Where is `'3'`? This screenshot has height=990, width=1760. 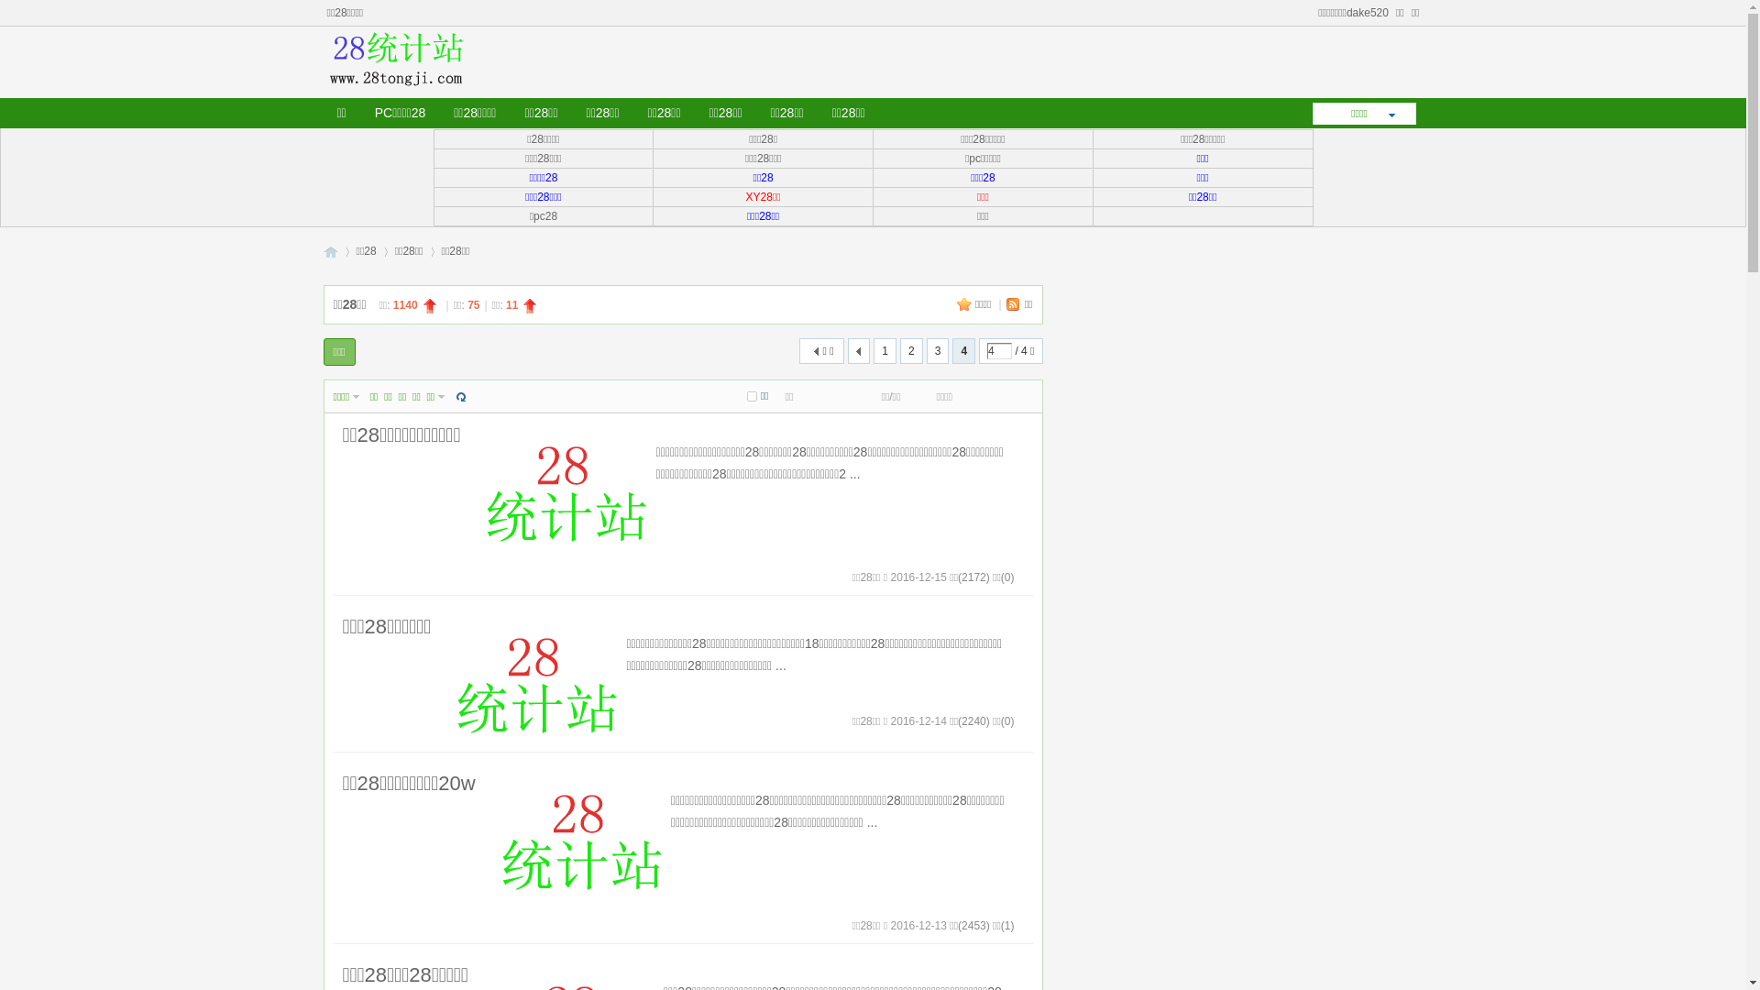
'3' is located at coordinates (938, 350).